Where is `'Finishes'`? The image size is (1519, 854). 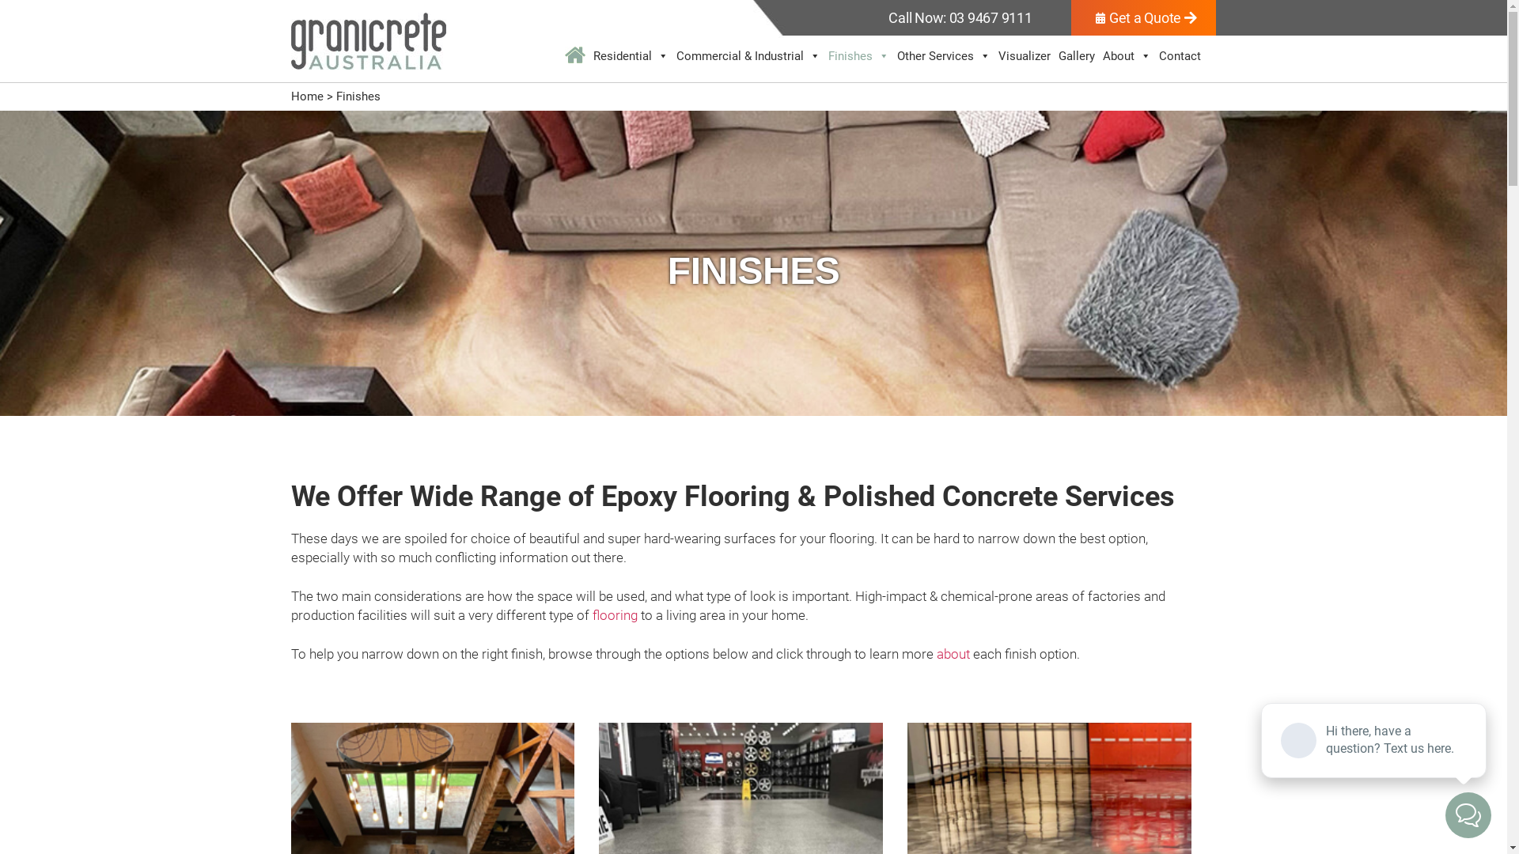
'Finishes' is located at coordinates (858, 55).